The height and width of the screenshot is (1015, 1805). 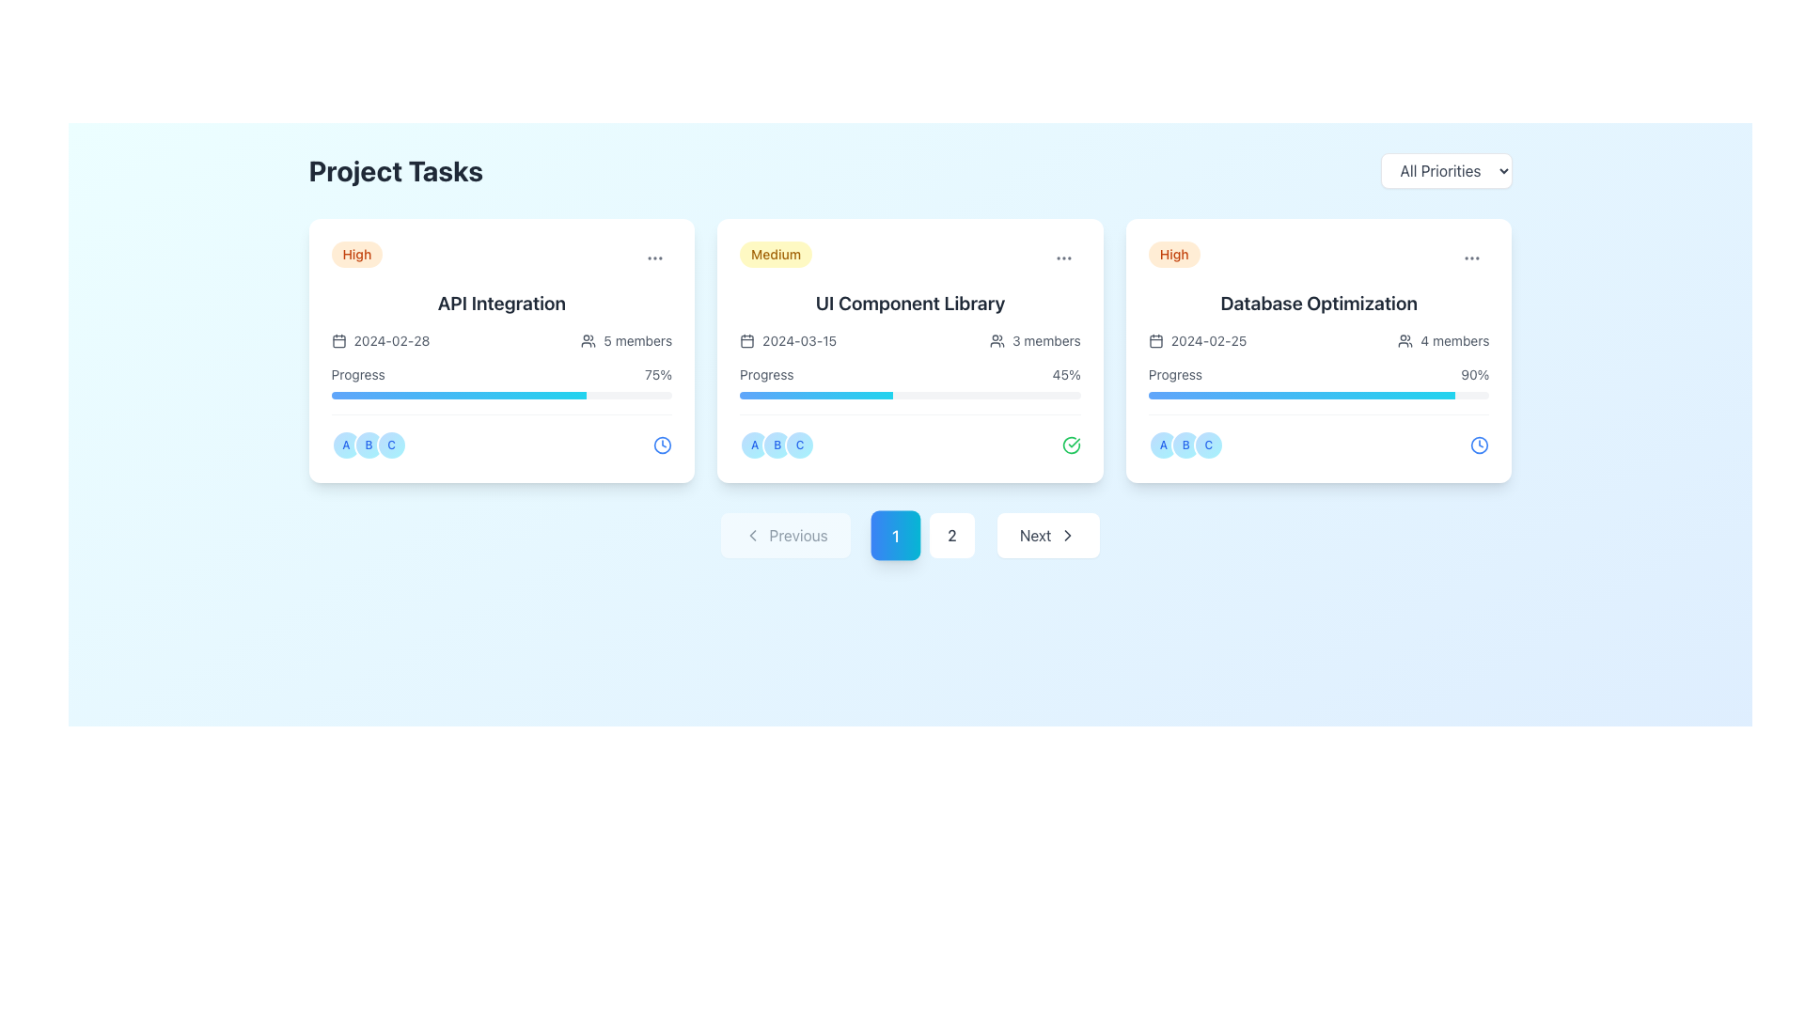 I want to click on the 'Database Optimization' Card component, which is the third card in a horizontal layout, so click(x=1318, y=351).